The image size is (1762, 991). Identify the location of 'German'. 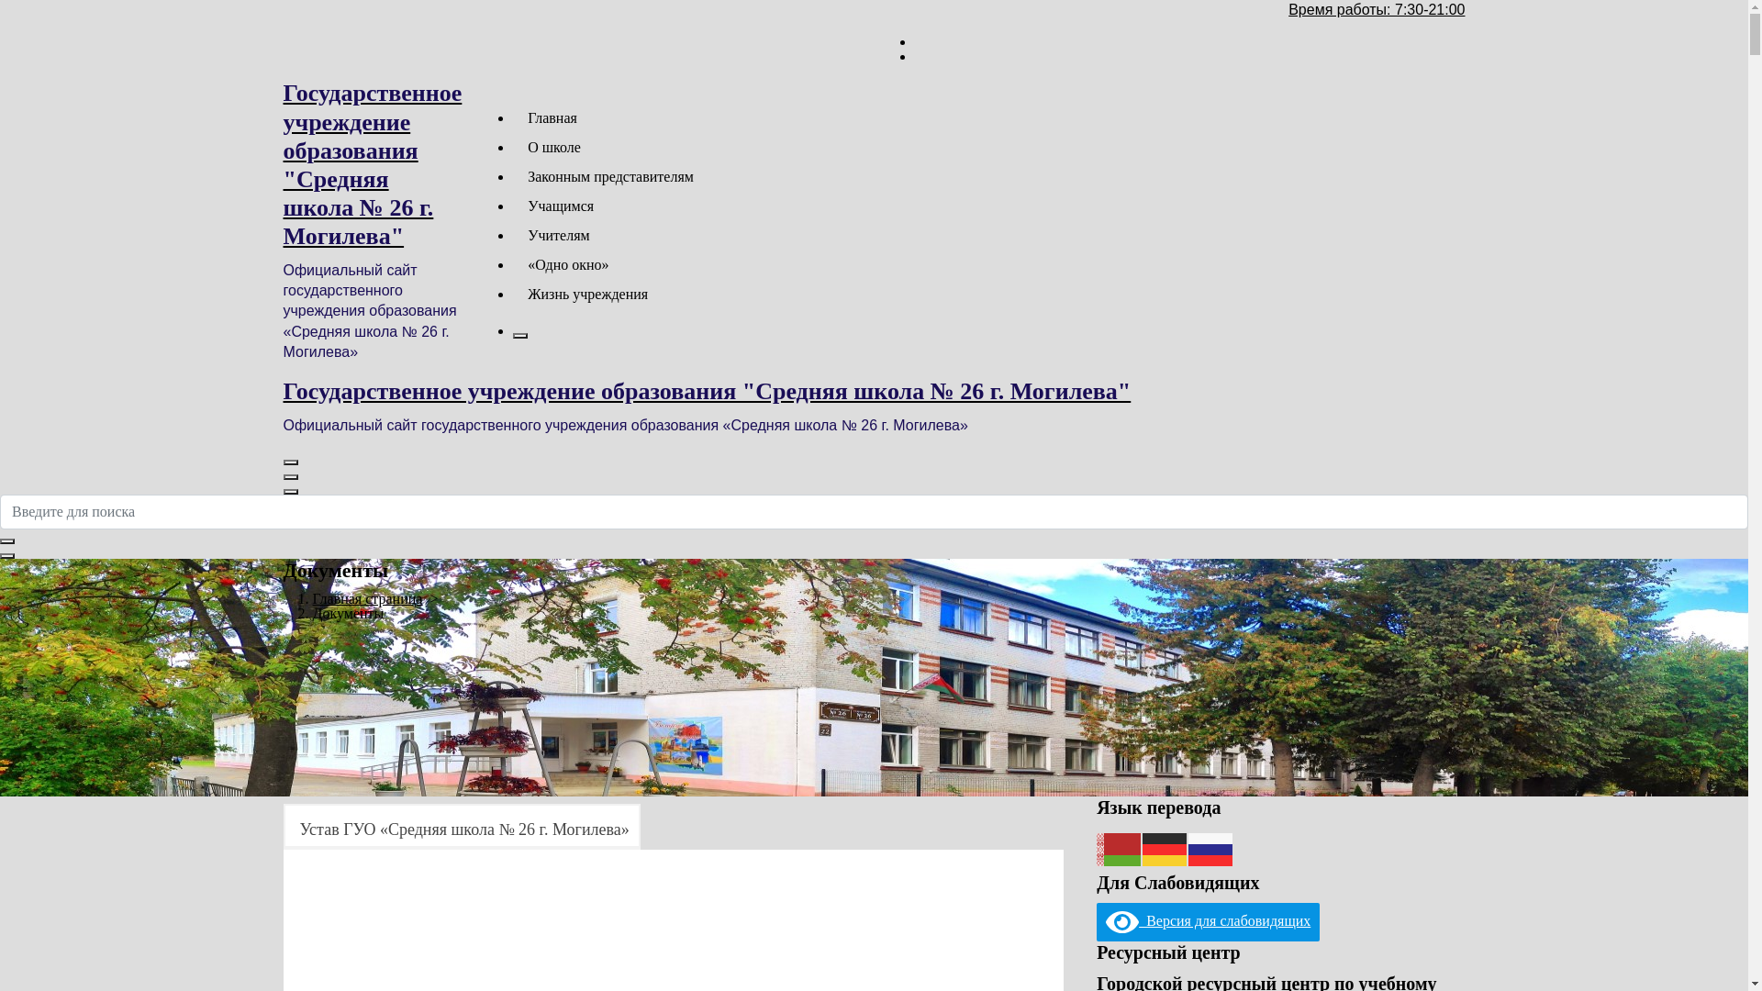
(1141, 848).